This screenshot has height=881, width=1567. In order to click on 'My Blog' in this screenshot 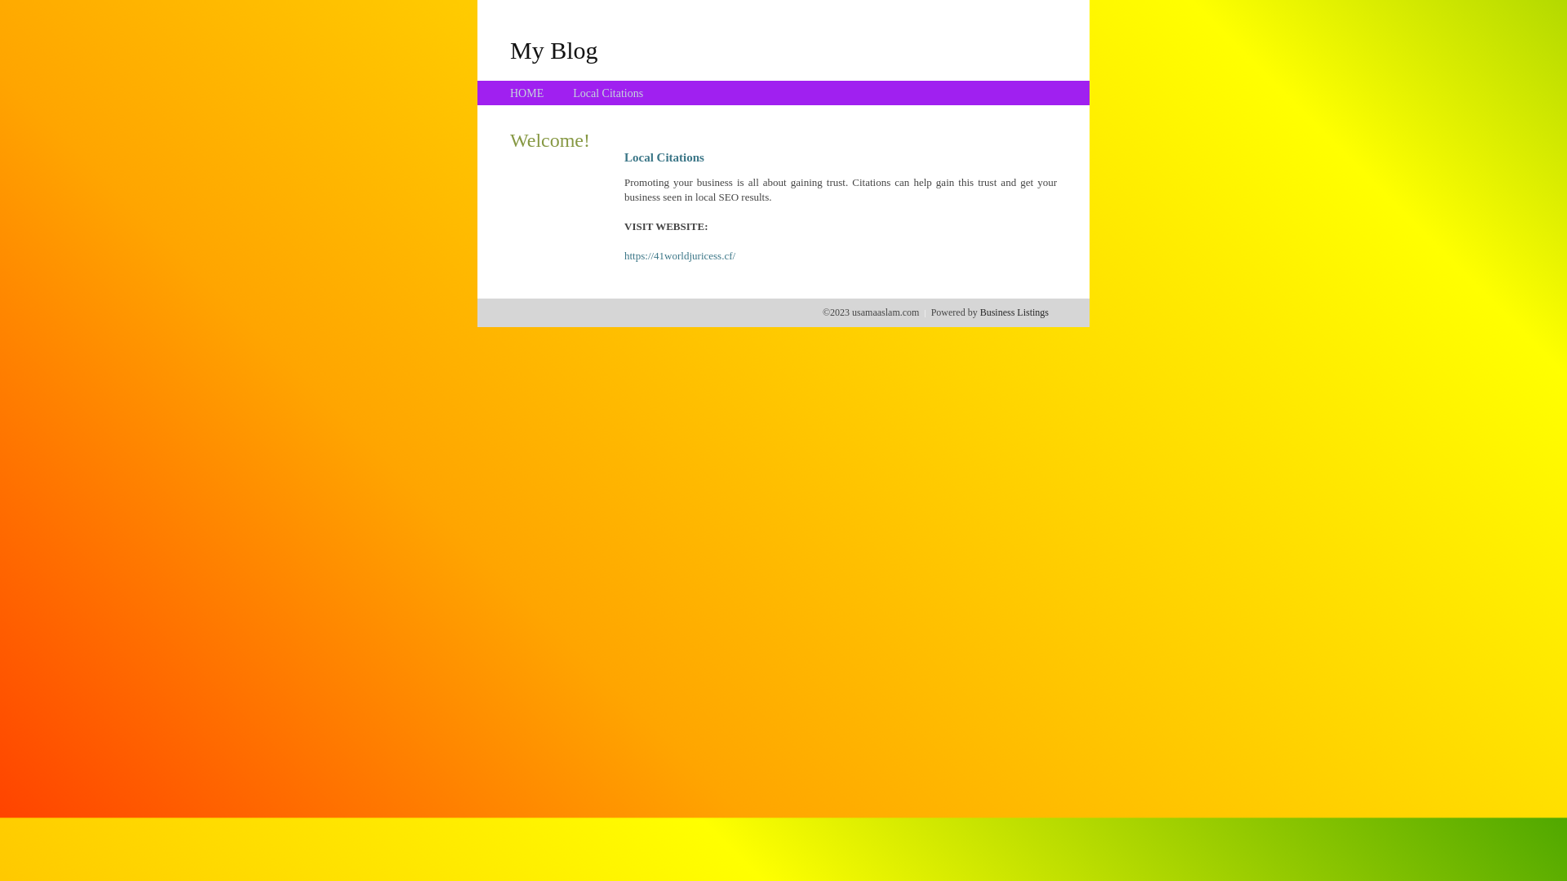, I will do `click(508, 49)`.